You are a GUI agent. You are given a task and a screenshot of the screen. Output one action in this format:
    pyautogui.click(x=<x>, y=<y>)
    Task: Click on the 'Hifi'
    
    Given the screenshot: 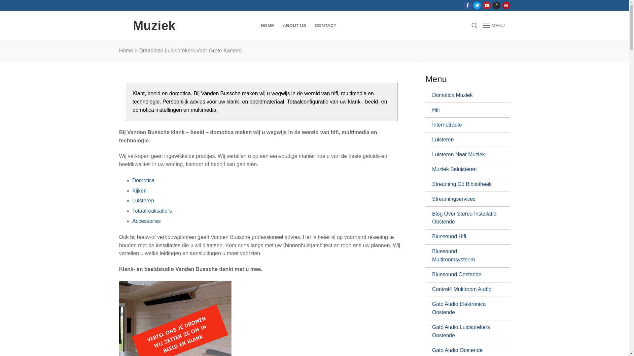 What is the action you would take?
    pyautogui.click(x=464, y=110)
    